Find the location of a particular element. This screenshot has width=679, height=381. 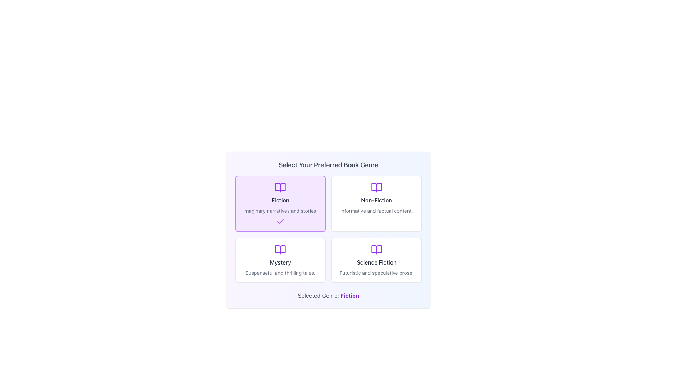

the icon representing the 'Non-Fiction' category, which is centrally positioned at the top of the 'Non-Fiction' section in the grid layout is located at coordinates (376, 187).